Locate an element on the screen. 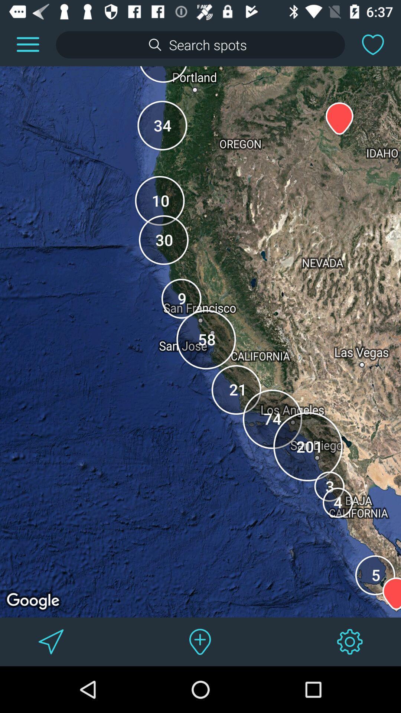 The height and width of the screenshot is (713, 401). settings is located at coordinates (350, 641).